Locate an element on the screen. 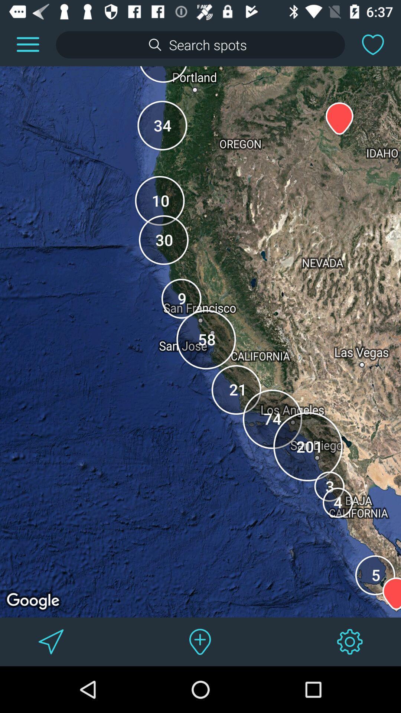 The height and width of the screenshot is (713, 401). settings is located at coordinates (350, 641).